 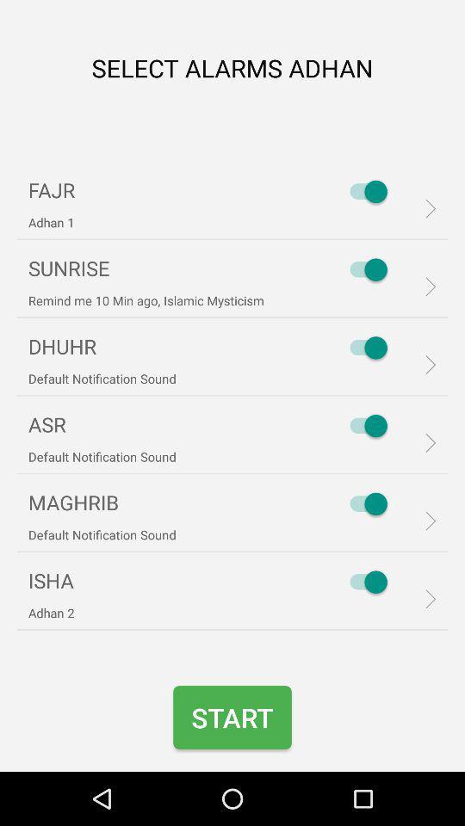 What do you see at coordinates (363, 269) in the screenshot?
I see `sunrise alarms` at bounding box center [363, 269].